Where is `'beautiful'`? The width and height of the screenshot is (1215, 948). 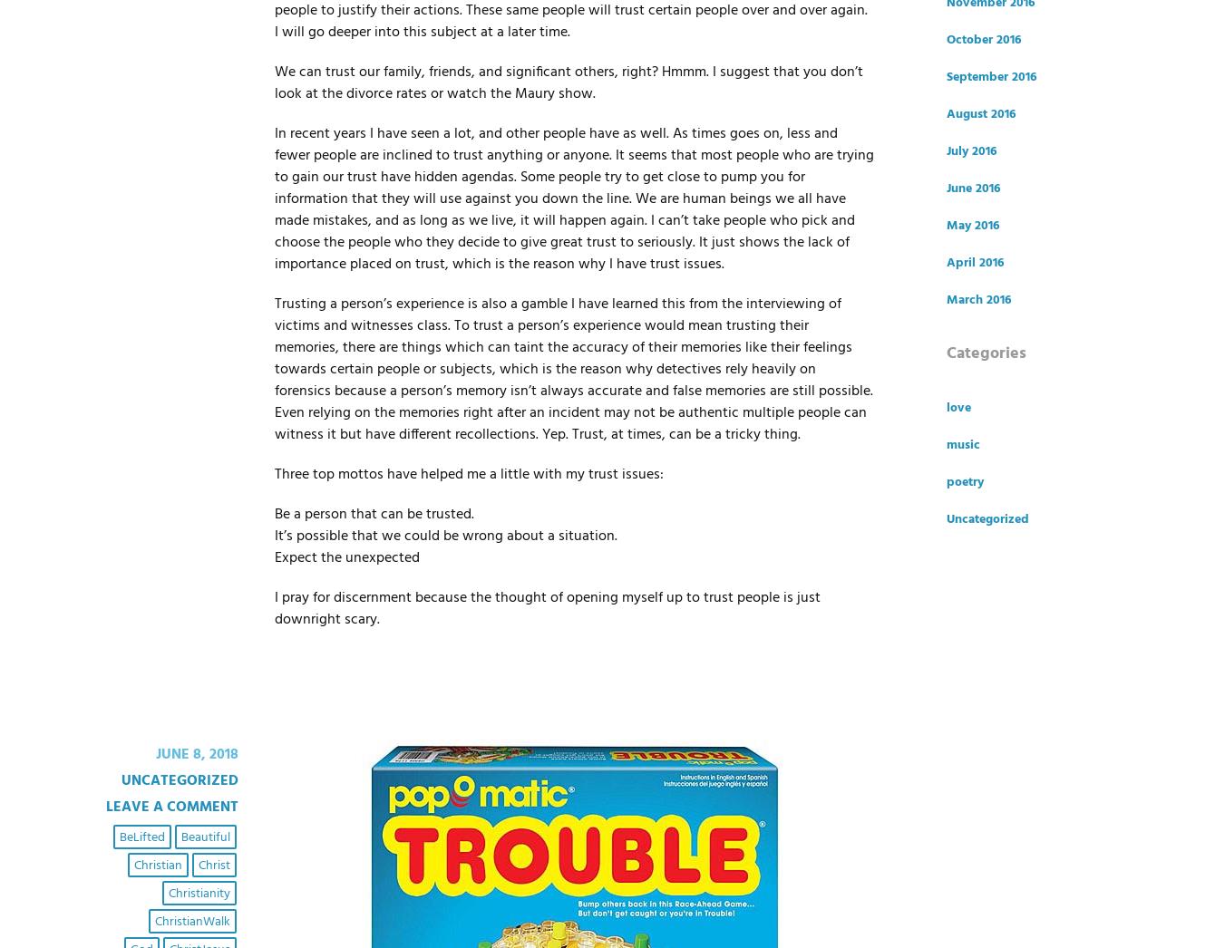 'beautiful' is located at coordinates (204, 837).